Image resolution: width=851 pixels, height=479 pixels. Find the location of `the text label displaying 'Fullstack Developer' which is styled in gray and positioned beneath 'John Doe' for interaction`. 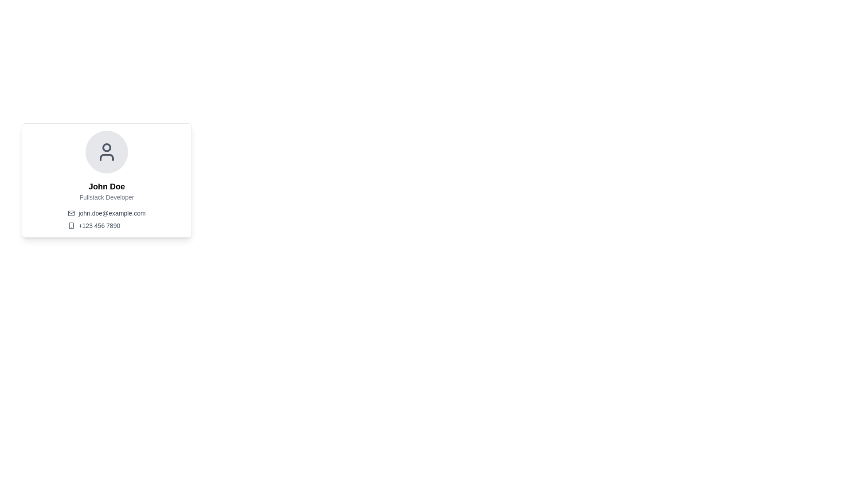

the text label displaying 'Fullstack Developer' which is styled in gray and positioned beneath 'John Doe' for interaction is located at coordinates (106, 196).